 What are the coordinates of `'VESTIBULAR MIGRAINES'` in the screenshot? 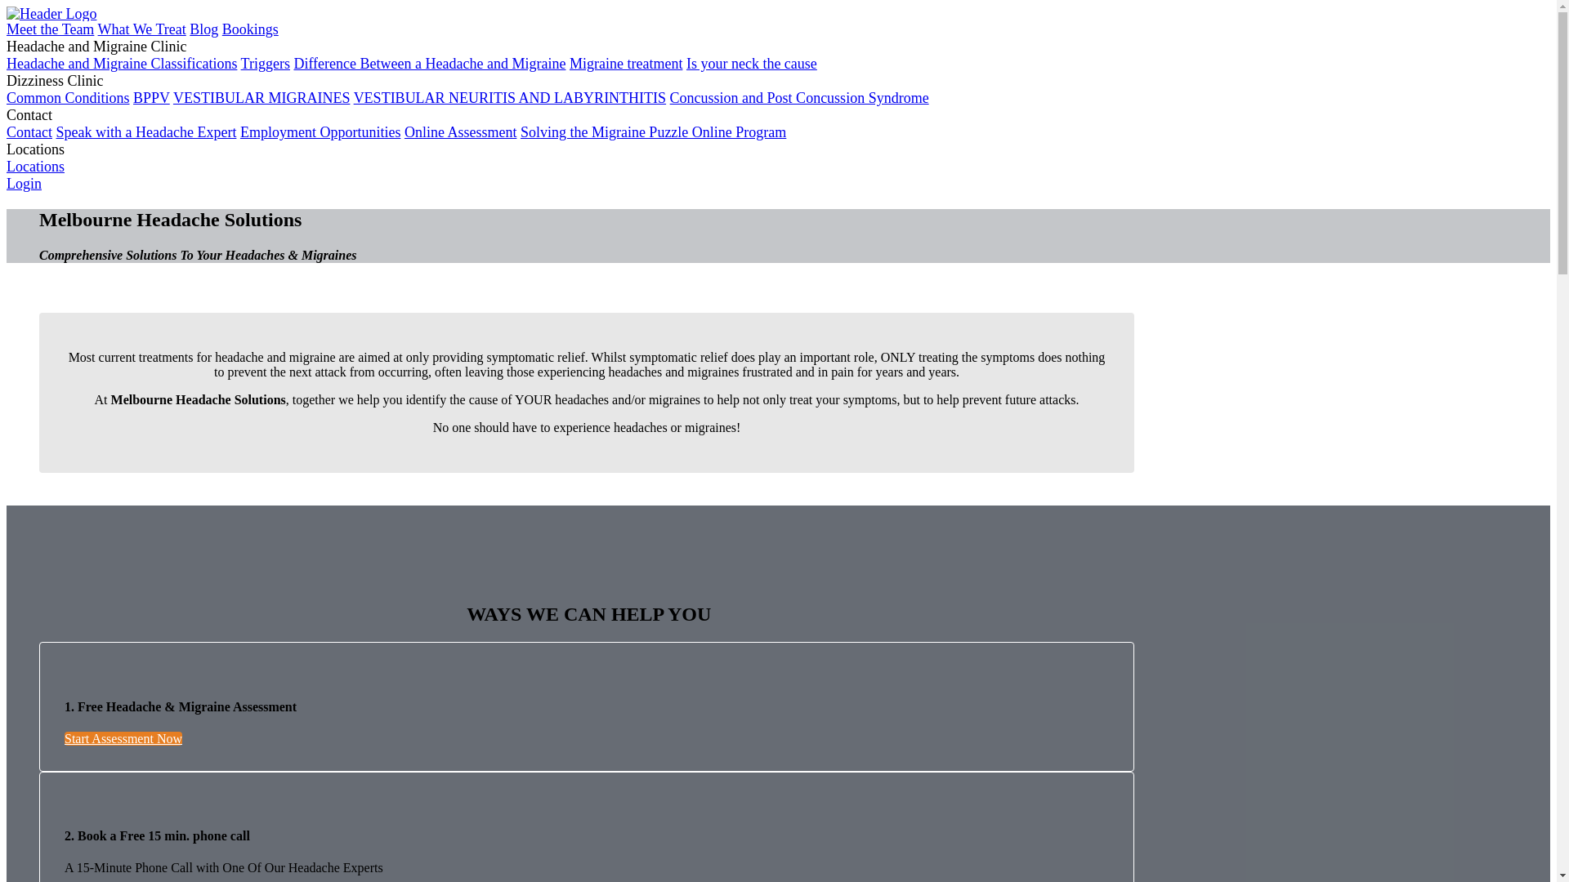 It's located at (261, 97).